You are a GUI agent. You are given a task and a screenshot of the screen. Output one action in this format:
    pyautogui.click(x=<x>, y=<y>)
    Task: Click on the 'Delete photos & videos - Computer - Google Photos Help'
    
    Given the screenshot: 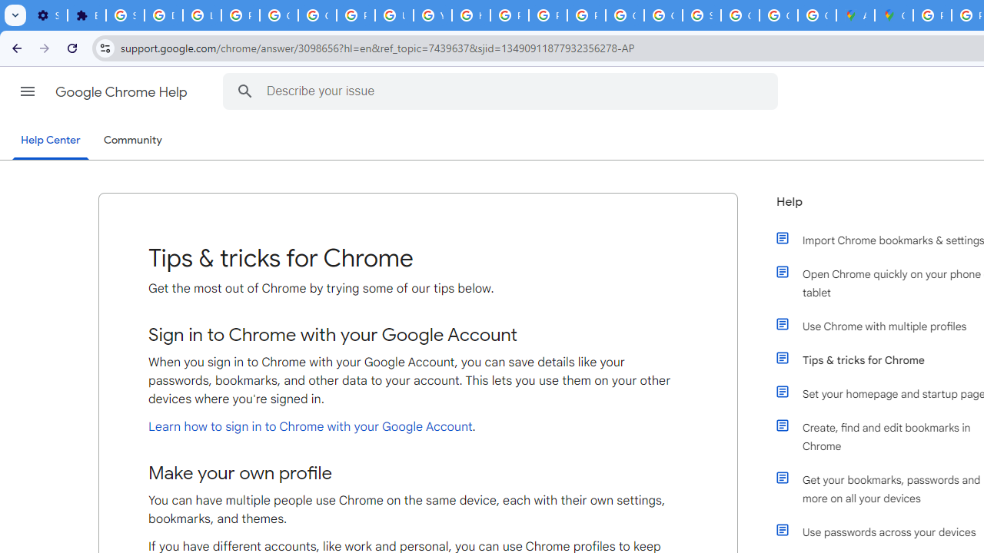 What is the action you would take?
    pyautogui.click(x=164, y=15)
    